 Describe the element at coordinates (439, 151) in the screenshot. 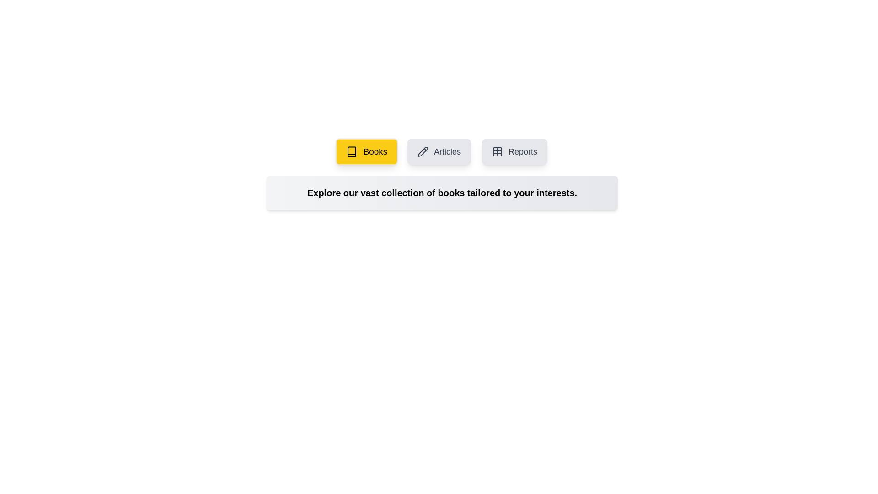

I see `the 'Articles' button, which is centrally located in a trio of buttons alongside 'Books' and 'Reports', to trigger hover effects` at that location.